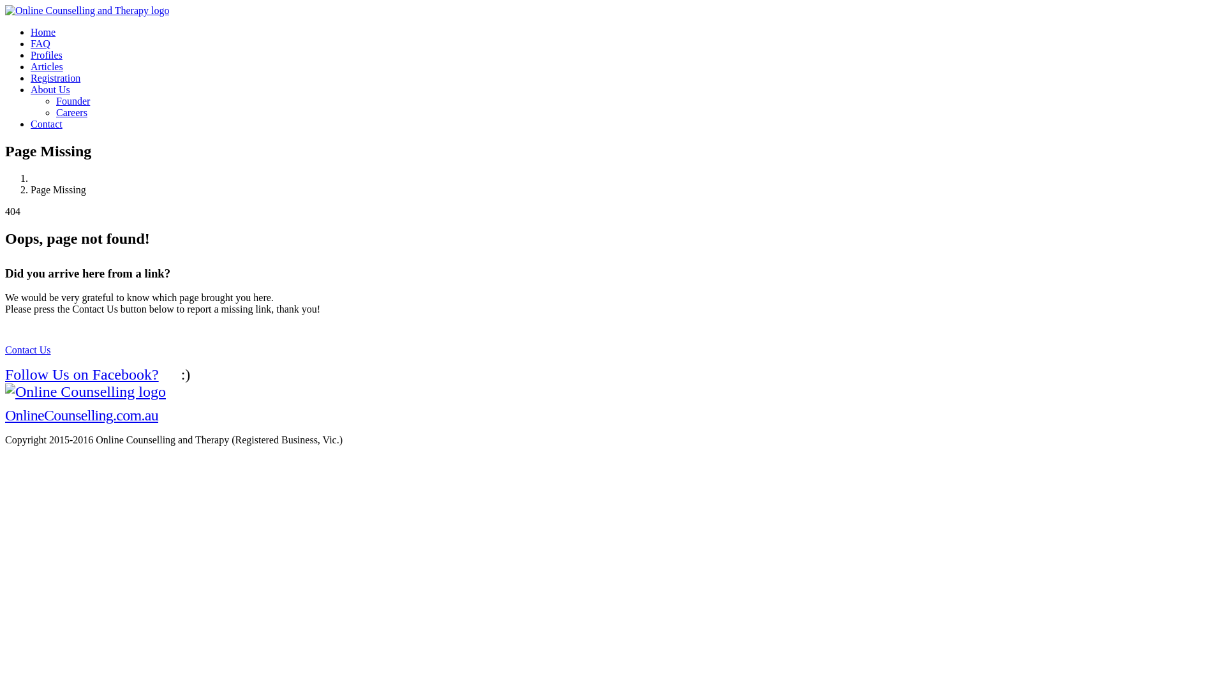 The width and height of the screenshot is (1225, 689). What do you see at coordinates (71, 112) in the screenshot?
I see `'Careers'` at bounding box center [71, 112].